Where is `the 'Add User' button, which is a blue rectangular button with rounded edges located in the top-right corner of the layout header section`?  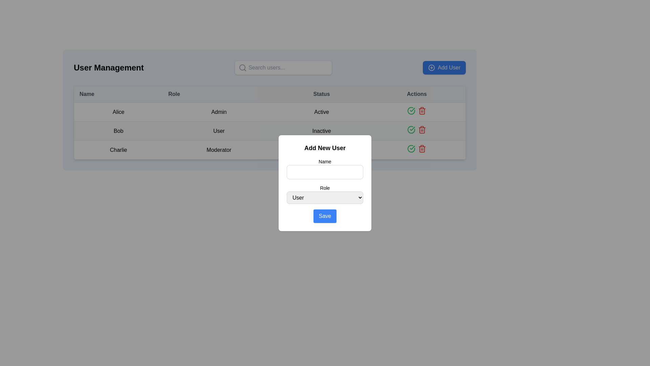
the 'Add User' button, which is a blue rectangular button with rounded edges located in the top-right corner of the layout header section is located at coordinates (444, 68).